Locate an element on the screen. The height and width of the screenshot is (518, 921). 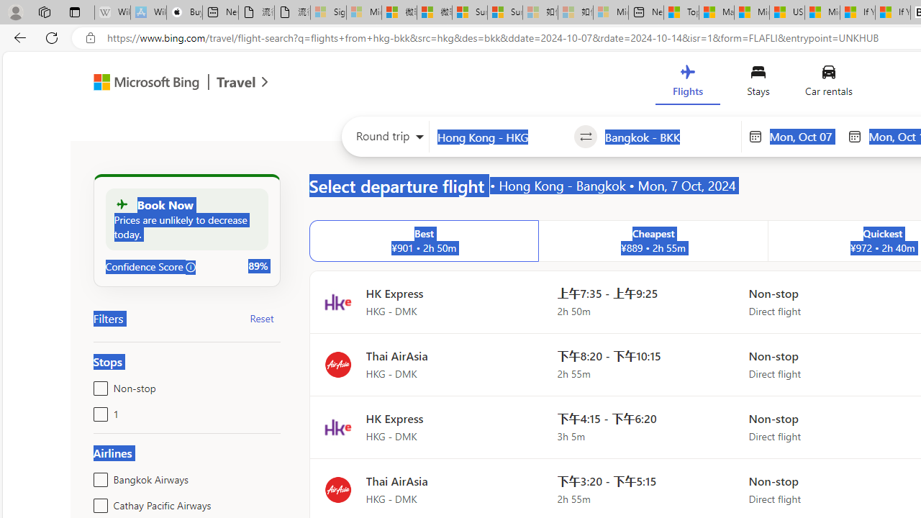
'Select trip type' is located at coordinates (386, 140).